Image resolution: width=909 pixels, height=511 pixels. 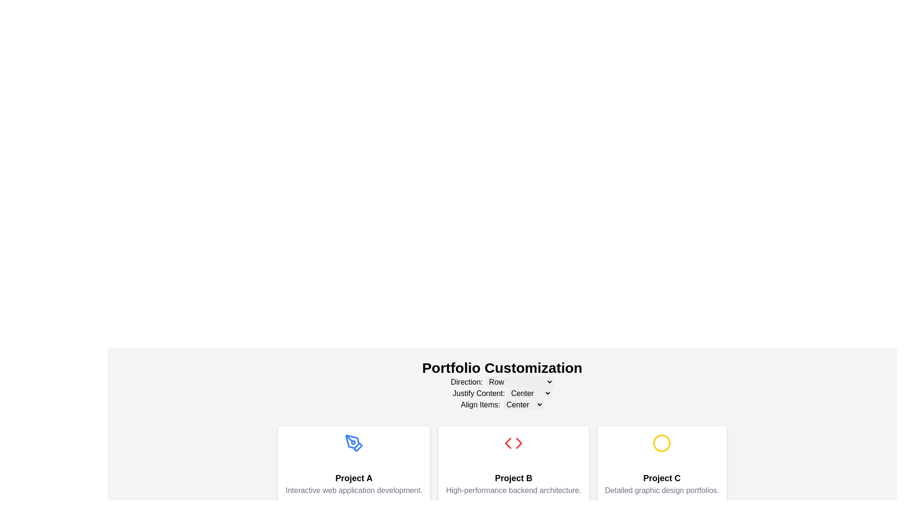 I want to click on the circular yellow outlined icon located in the 'Project C' section of the last column, so click(x=661, y=443).